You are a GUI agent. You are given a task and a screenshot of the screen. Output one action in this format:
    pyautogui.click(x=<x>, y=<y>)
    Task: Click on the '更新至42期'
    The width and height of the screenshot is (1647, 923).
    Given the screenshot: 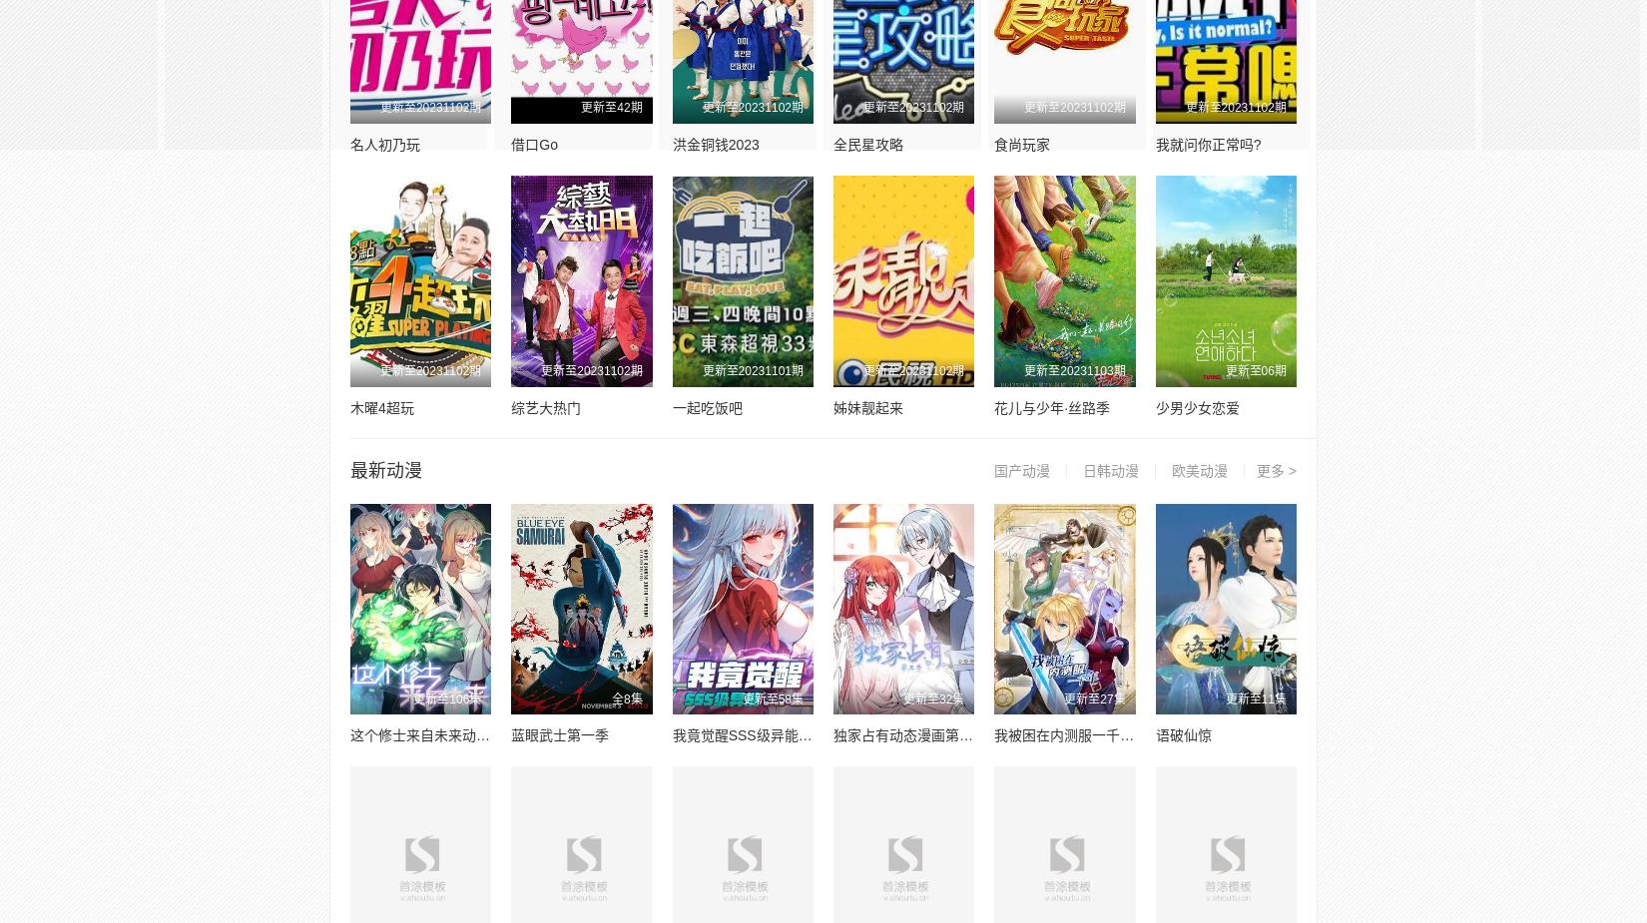 What is the action you would take?
    pyautogui.click(x=610, y=106)
    